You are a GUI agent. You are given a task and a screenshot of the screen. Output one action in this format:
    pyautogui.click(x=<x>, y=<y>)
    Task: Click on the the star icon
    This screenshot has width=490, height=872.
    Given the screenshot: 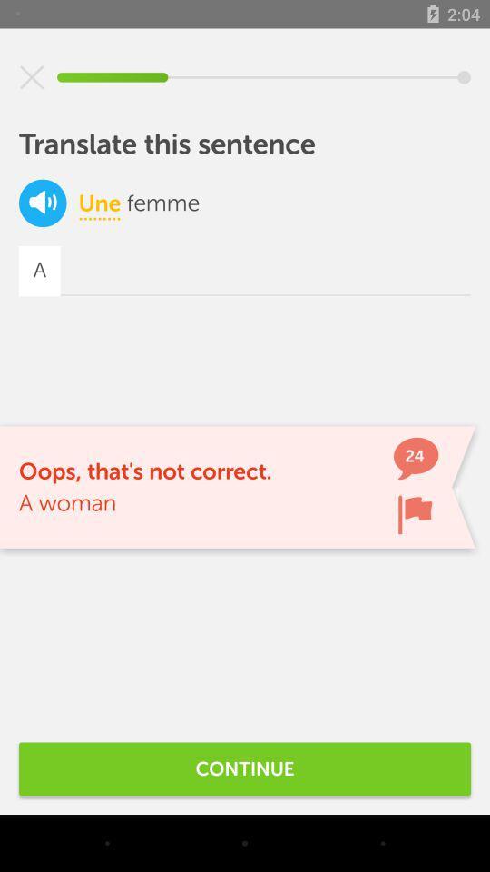 What is the action you would take?
    pyautogui.click(x=32, y=77)
    